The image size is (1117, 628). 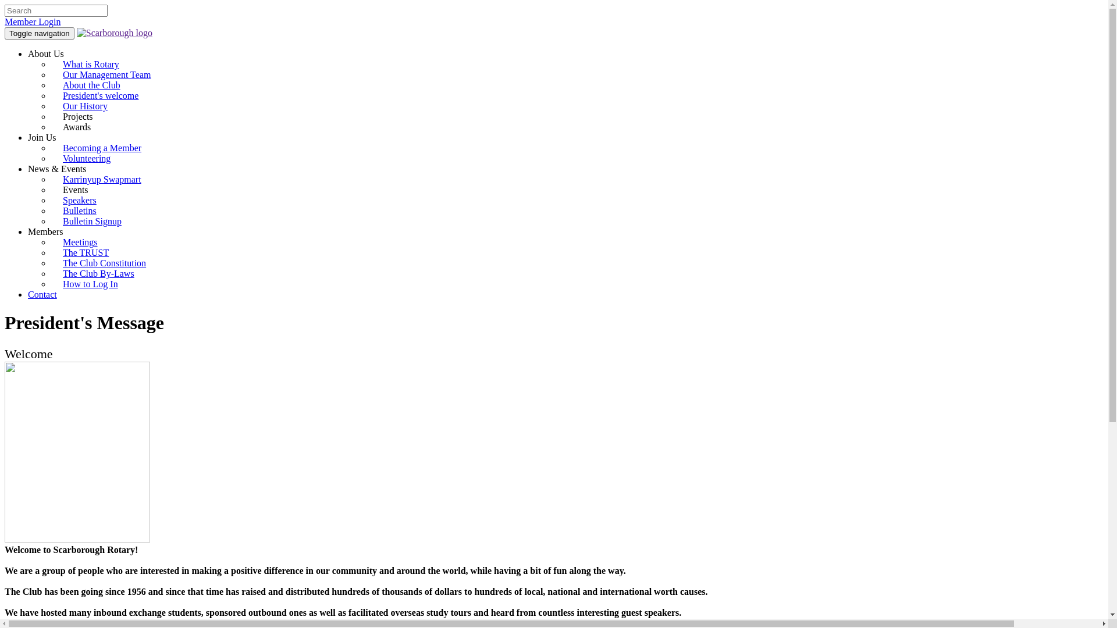 What do you see at coordinates (80, 127) in the screenshot?
I see `'Awards'` at bounding box center [80, 127].